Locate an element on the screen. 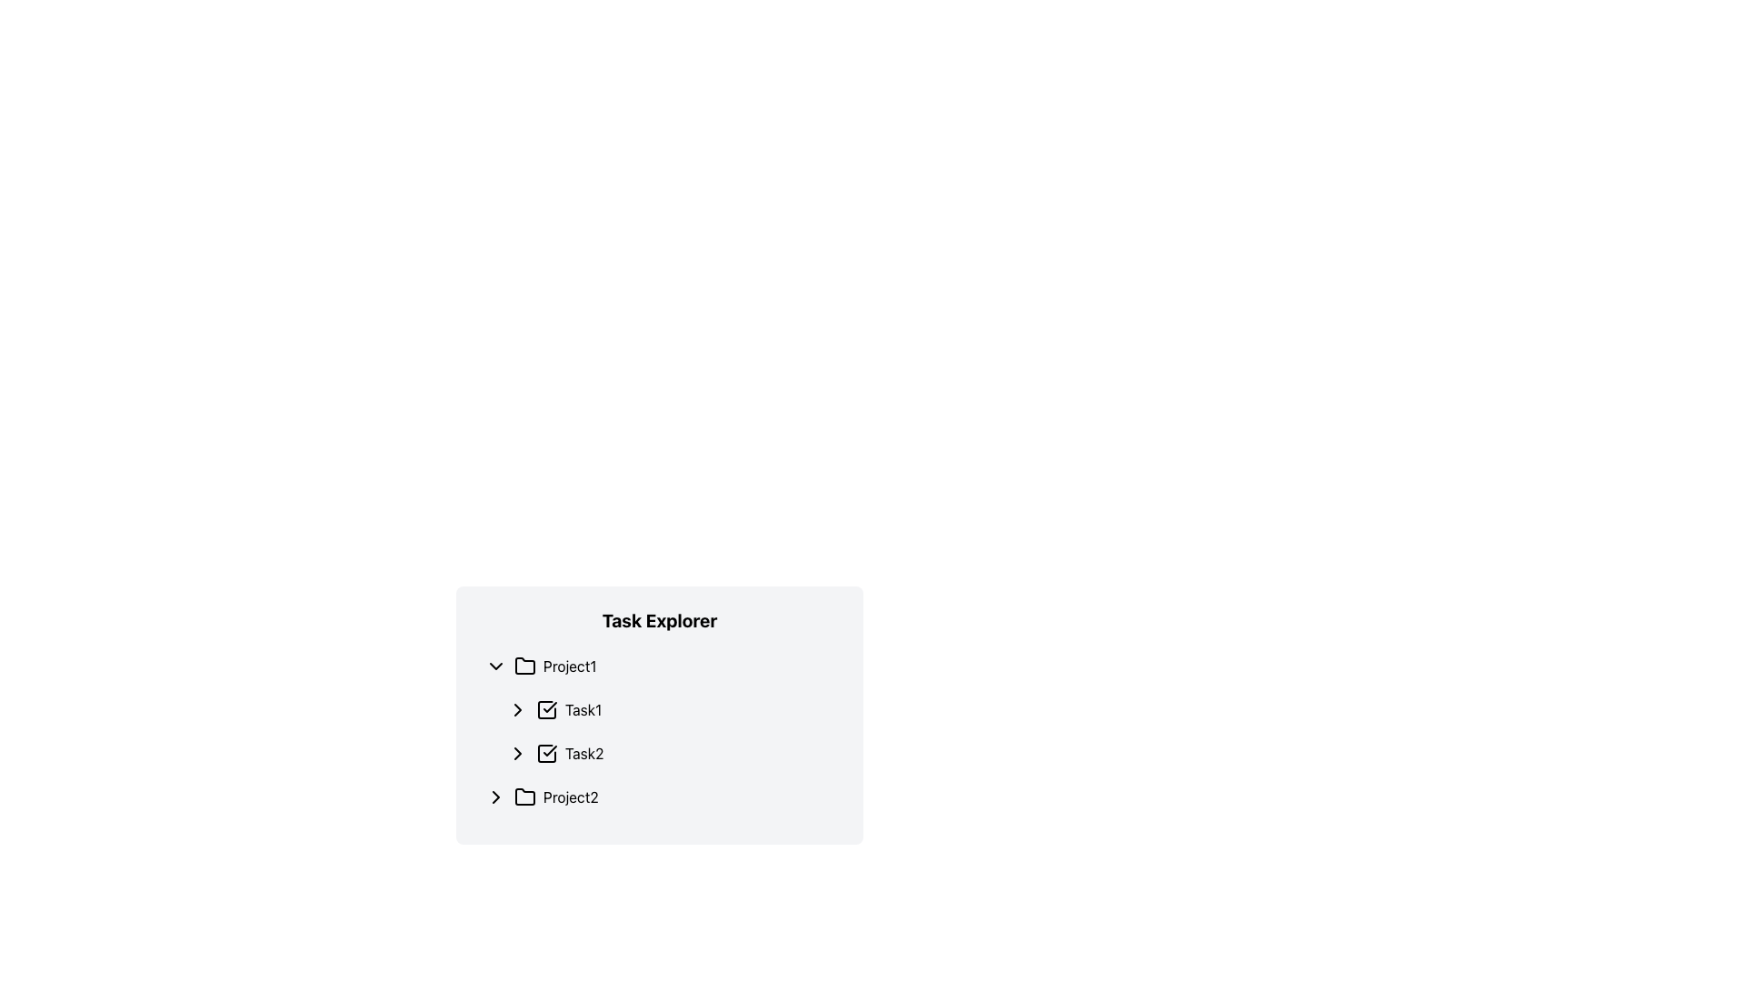  the folder icon representing 'Project2' in the Task Explorer to interact with it is located at coordinates (523, 795).